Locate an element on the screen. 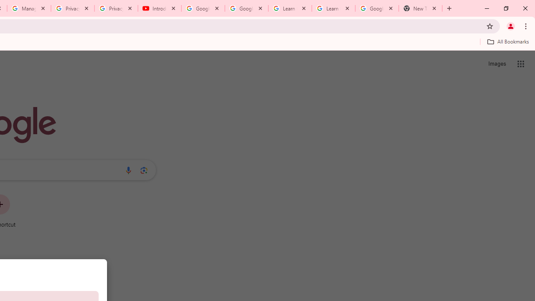 Image resolution: width=535 pixels, height=301 pixels. 'Introduction | Google Privacy Policy - YouTube' is located at coordinates (160, 8).